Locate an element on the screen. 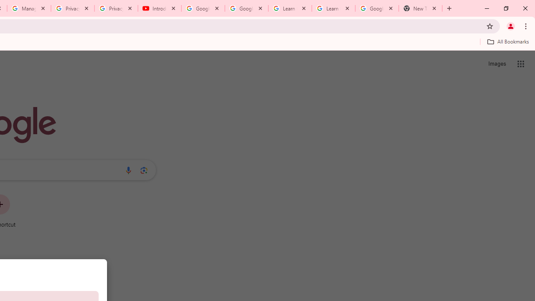 Image resolution: width=535 pixels, height=301 pixels. 'Introduction | Google Privacy Policy - YouTube' is located at coordinates (160, 8).